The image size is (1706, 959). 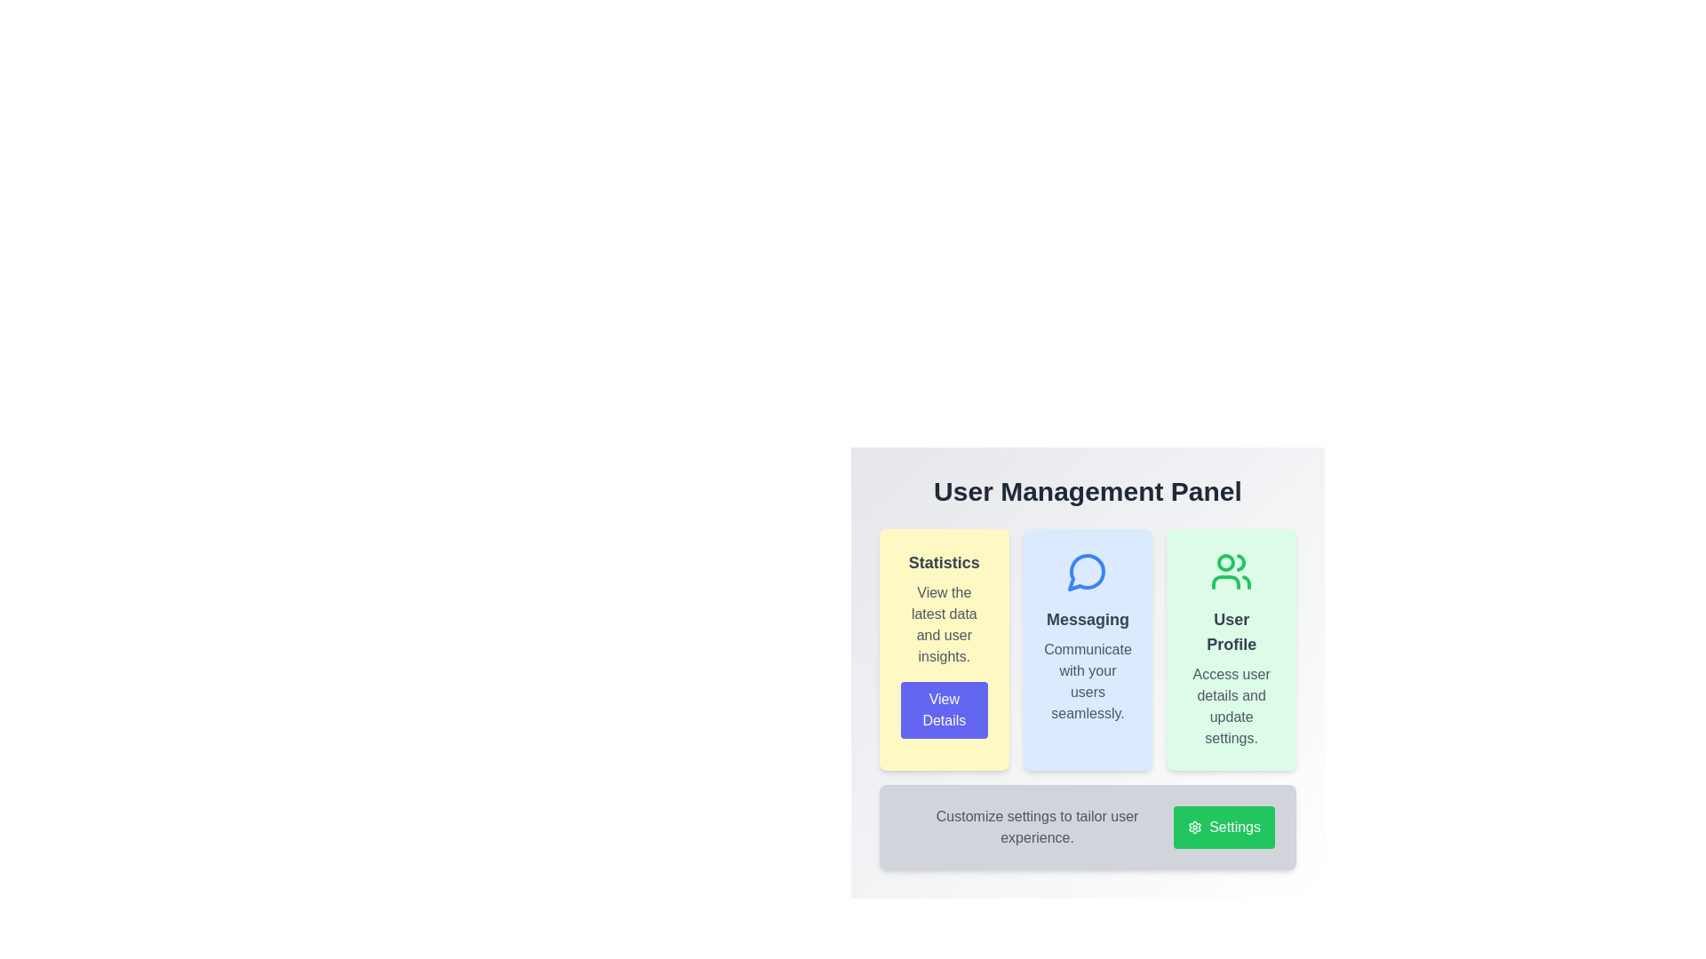 What do you see at coordinates (1087, 619) in the screenshot?
I see `text displayed in the bold, large-size font labeled 'Messaging', which is centrally aligned in the blue section of the 'User Management Panel'` at bounding box center [1087, 619].